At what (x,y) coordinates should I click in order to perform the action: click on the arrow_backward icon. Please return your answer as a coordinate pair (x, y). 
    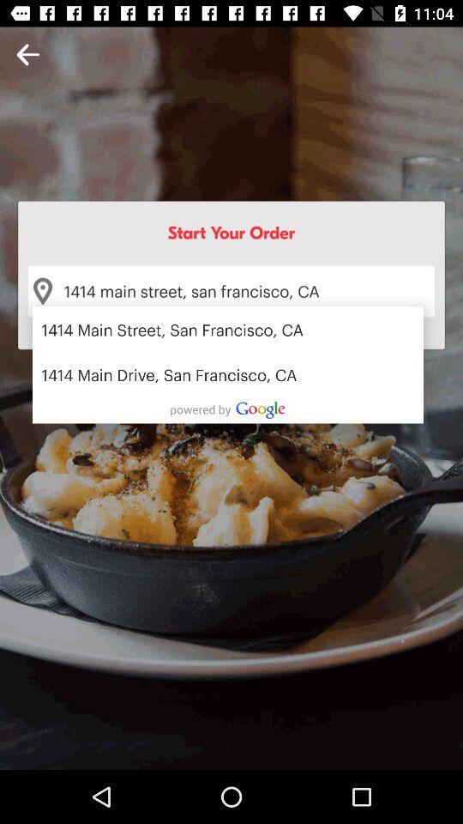
    Looking at the image, I should click on (27, 55).